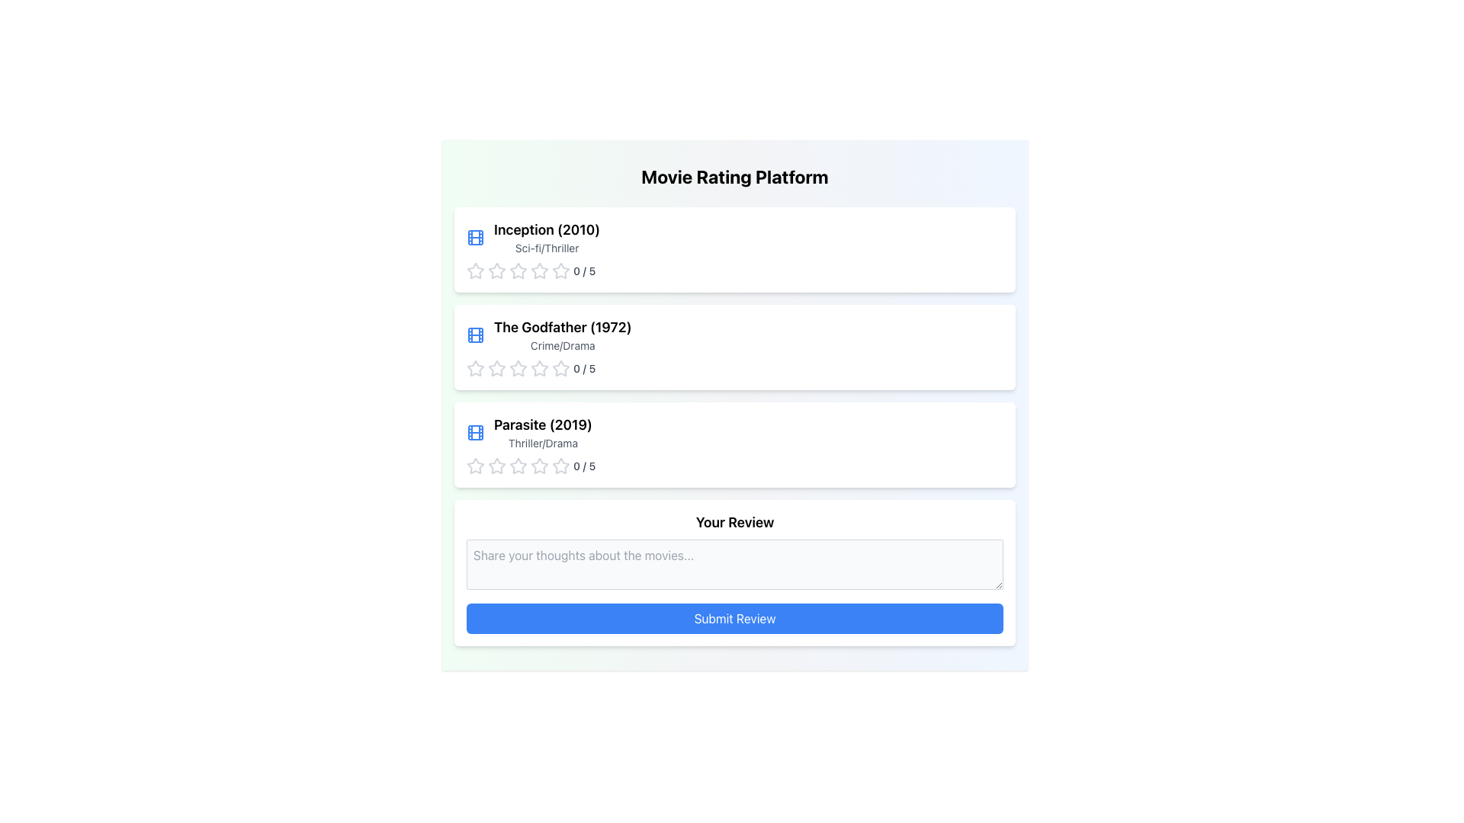 Image resolution: width=1464 pixels, height=823 pixels. What do you see at coordinates (518, 466) in the screenshot?
I see `the fourth star icon in the 5-star rating system located below the text 'Parasite (2019)'` at bounding box center [518, 466].